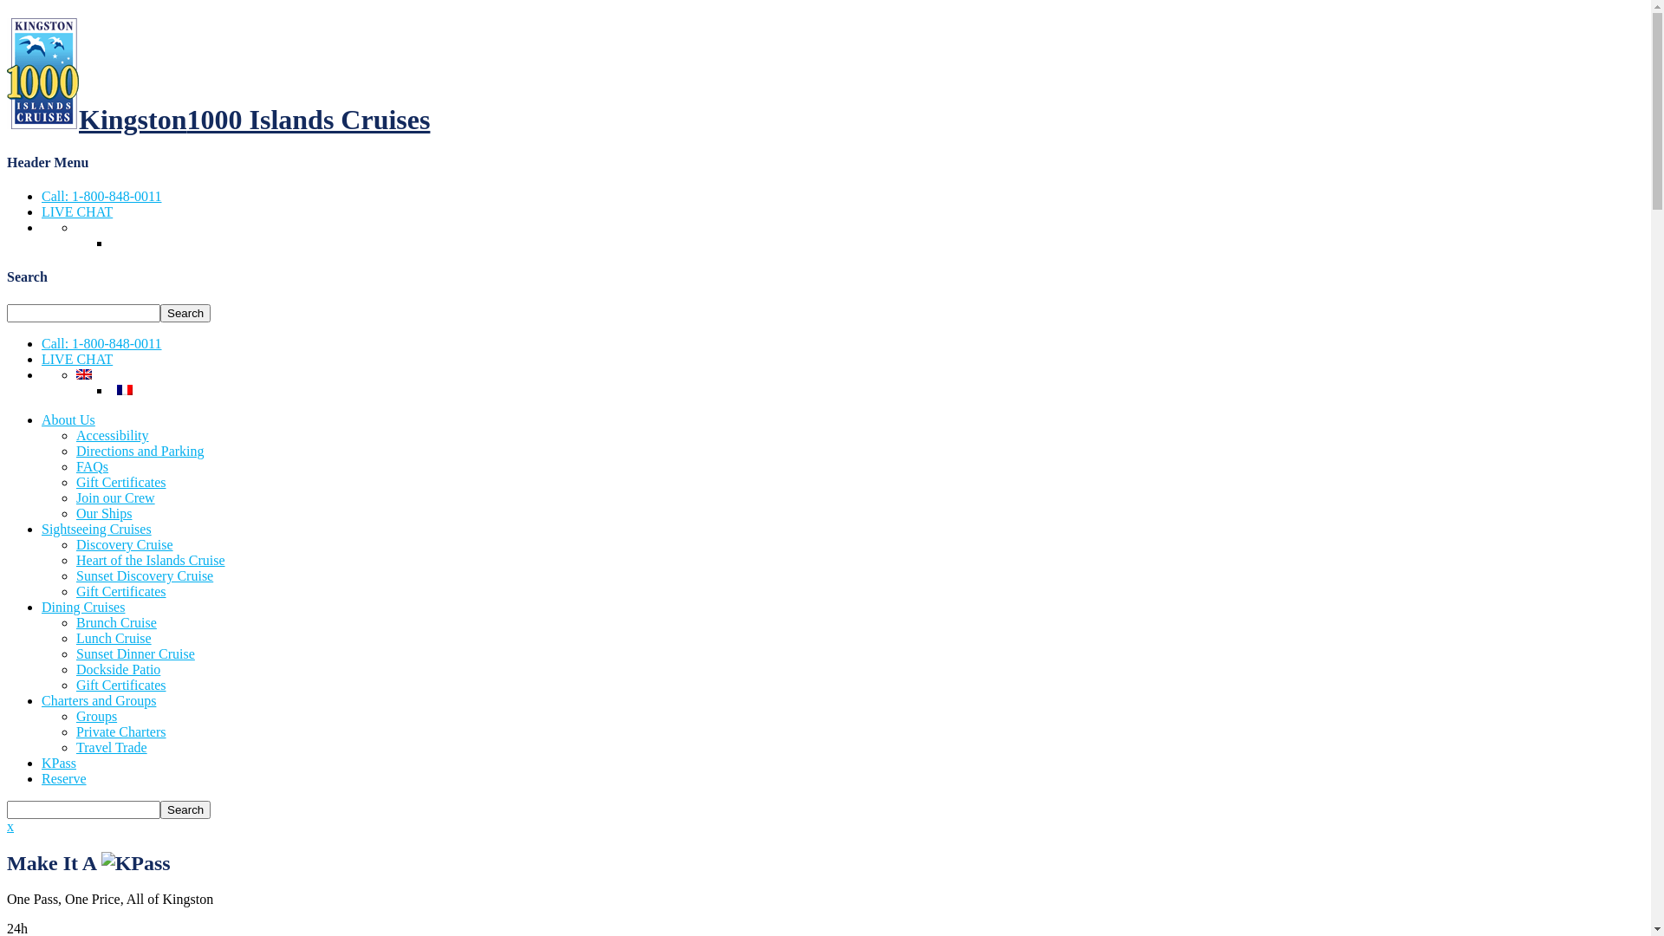 The image size is (1664, 936). What do you see at coordinates (42, 72) in the screenshot?
I see `'1000 Islands Cruises'` at bounding box center [42, 72].